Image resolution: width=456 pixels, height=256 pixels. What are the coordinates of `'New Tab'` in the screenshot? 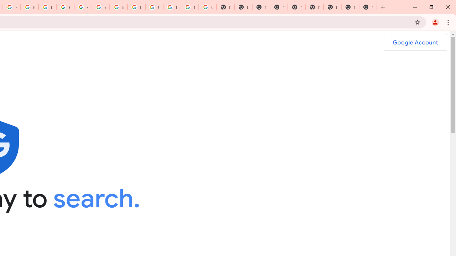 It's located at (278, 7).